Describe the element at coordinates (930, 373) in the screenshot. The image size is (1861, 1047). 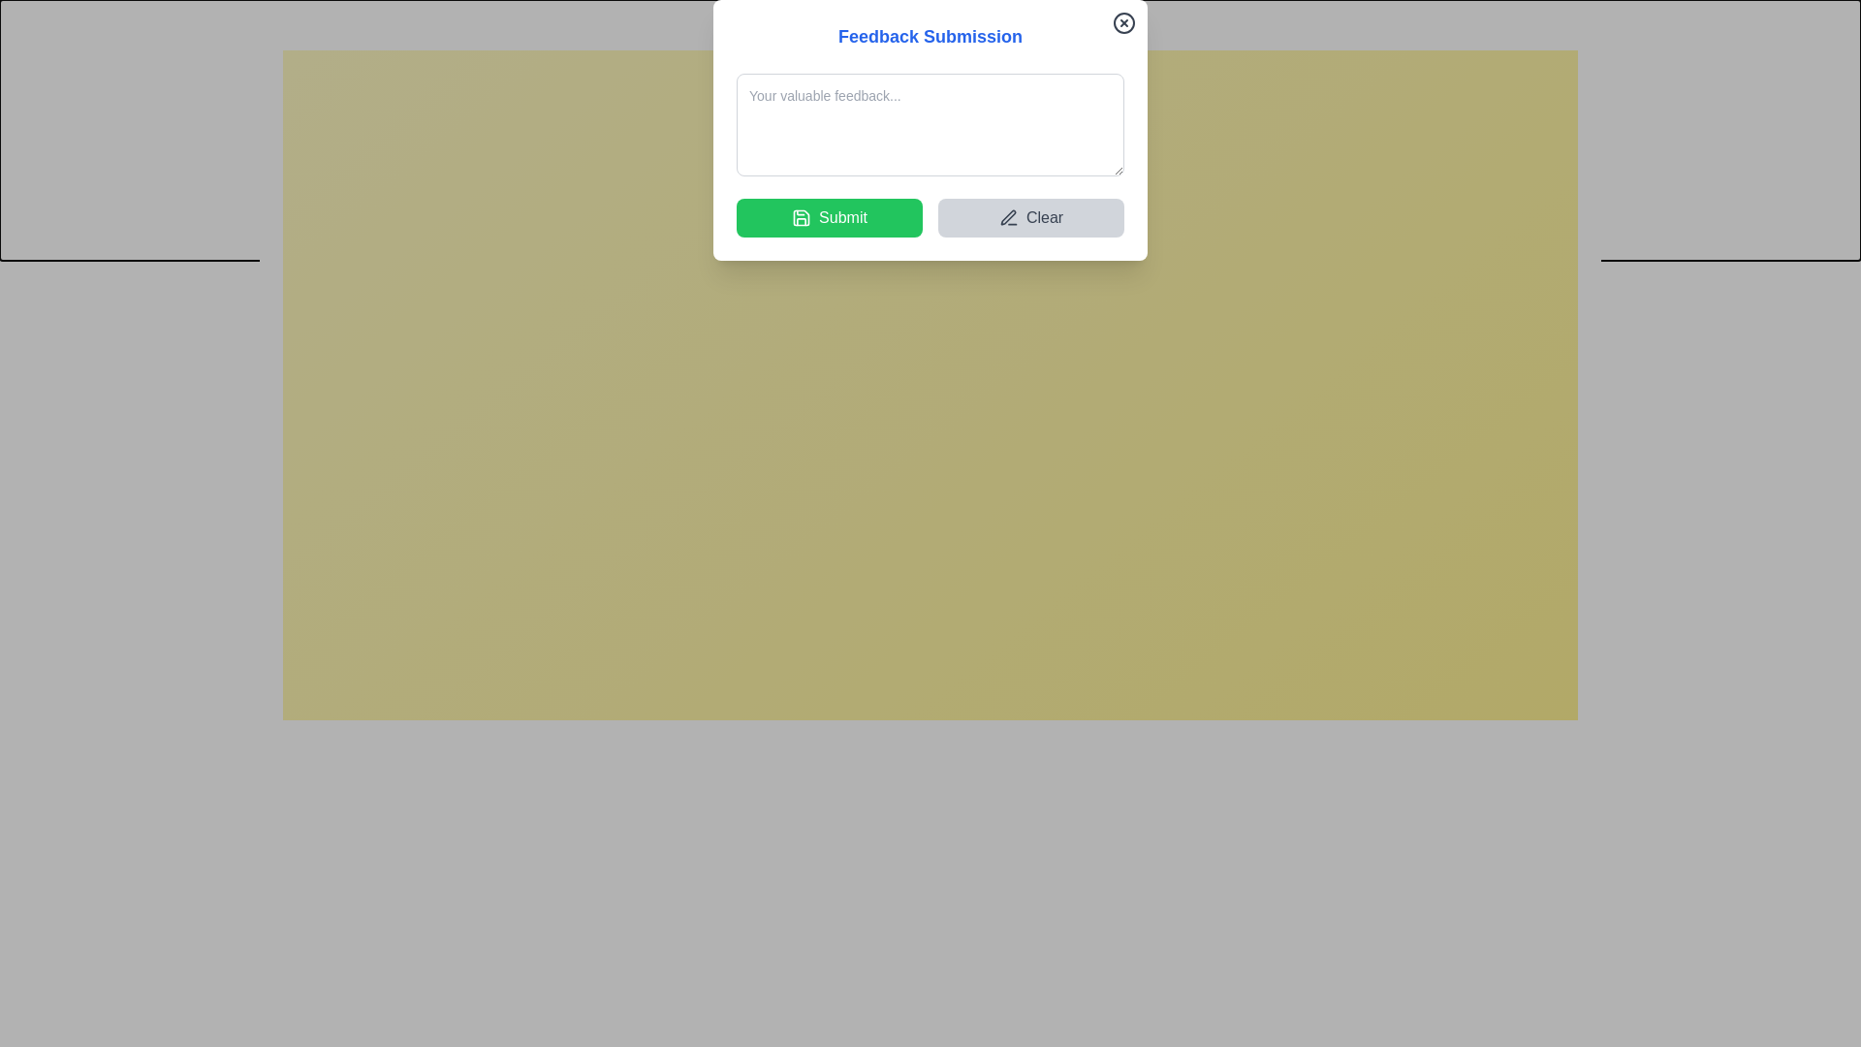
I see `the feedback text area and type the feedback text` at that location.